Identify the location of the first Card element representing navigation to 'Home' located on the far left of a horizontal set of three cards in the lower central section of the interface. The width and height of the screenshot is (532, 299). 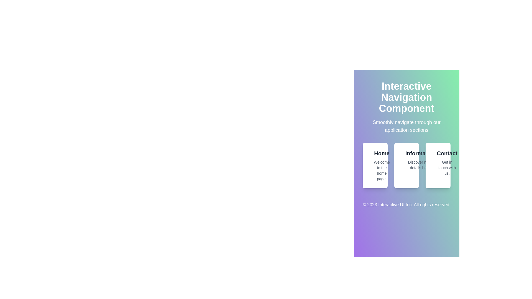
(375, 165).